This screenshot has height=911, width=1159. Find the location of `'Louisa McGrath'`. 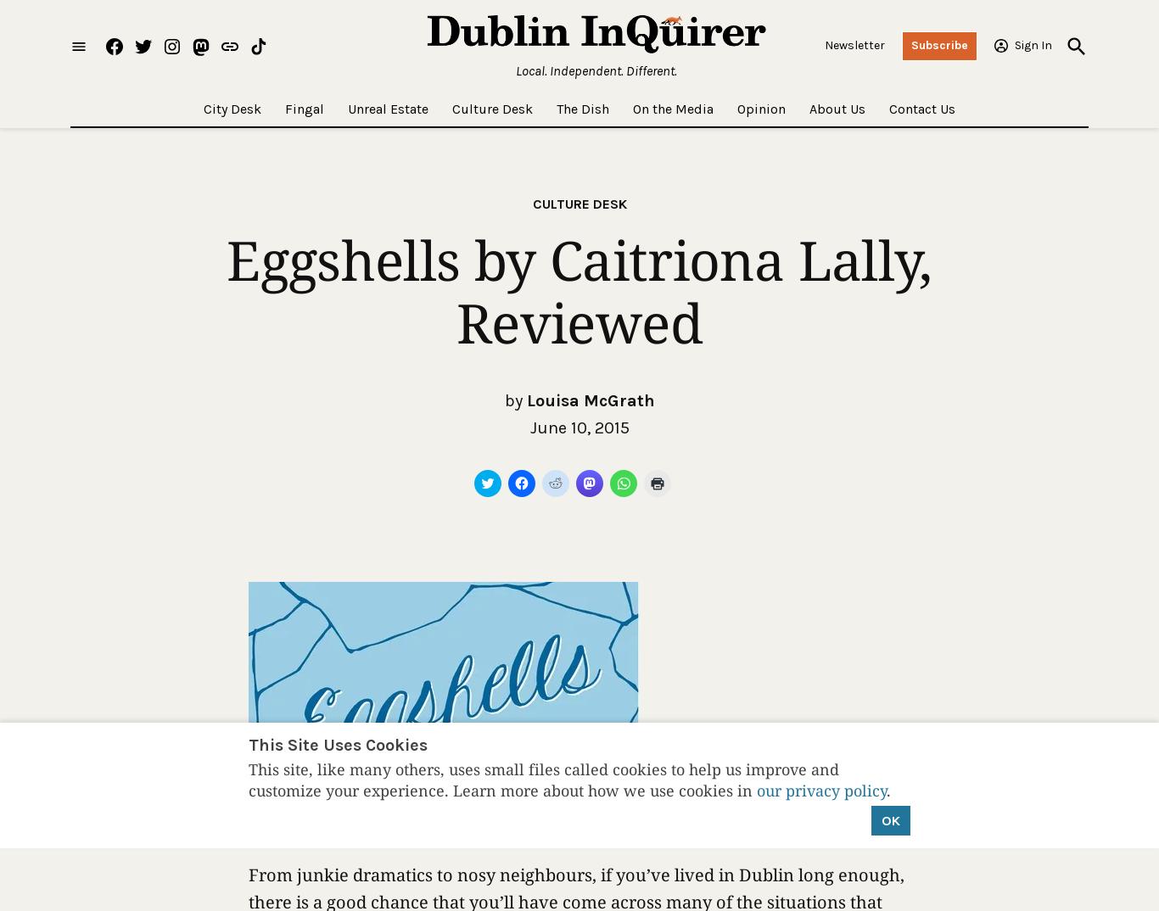

'Louisa McGrath' is located at coordinates (525, 400).